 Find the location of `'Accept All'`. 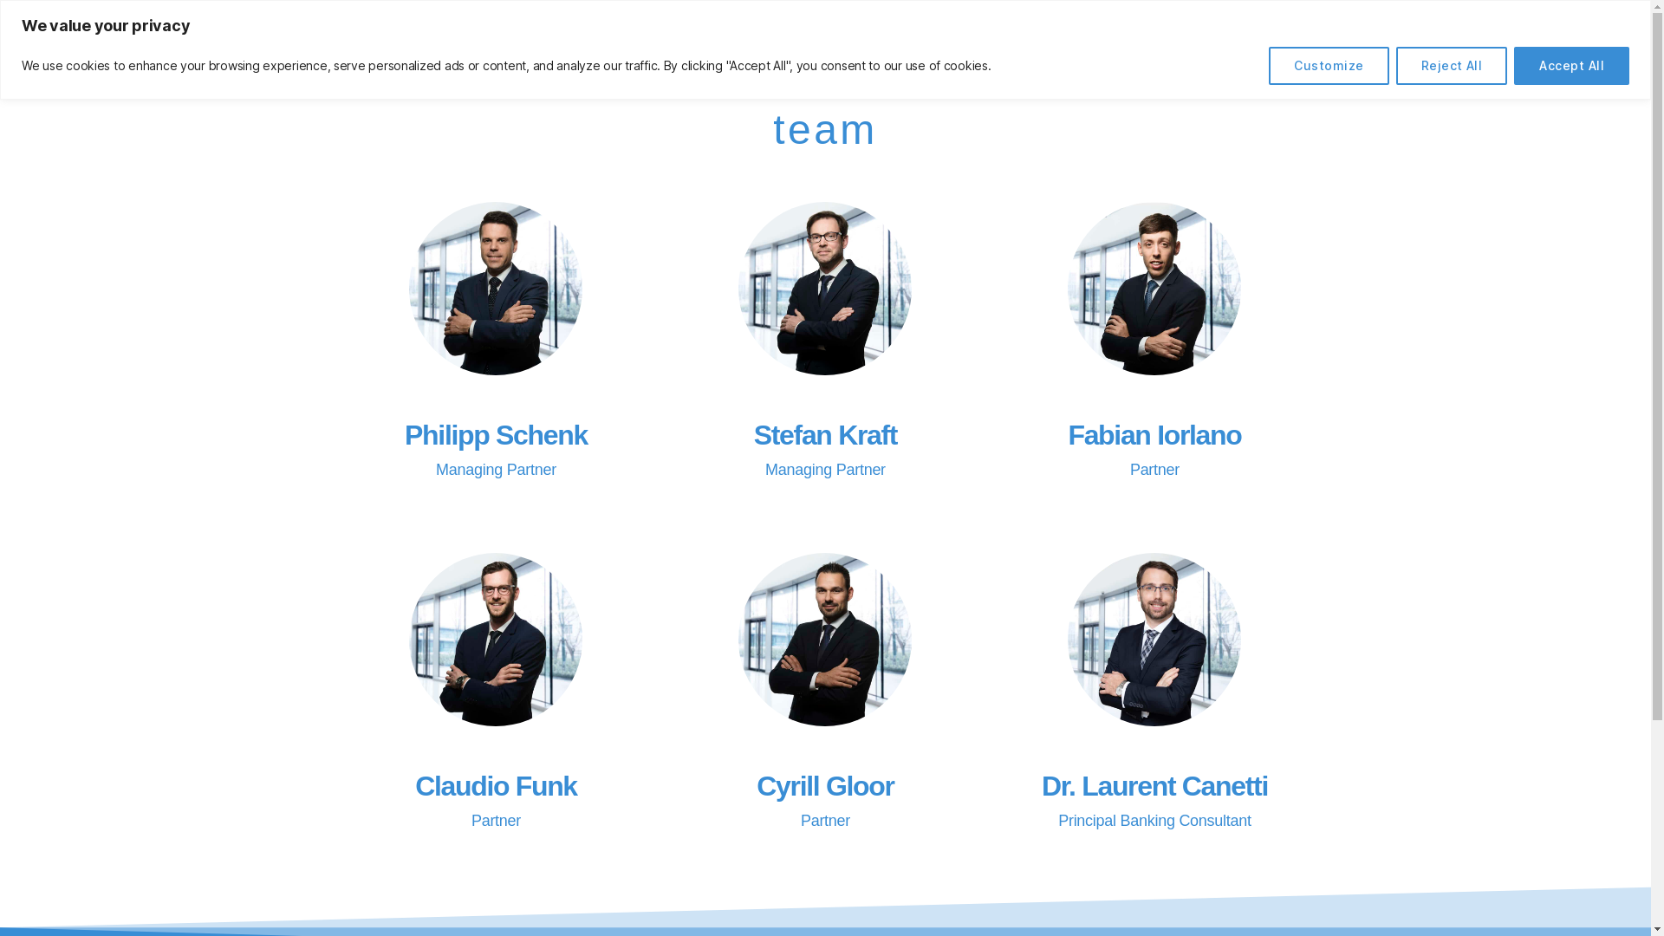

'Accept All' is located at coordinates (1571, 65).